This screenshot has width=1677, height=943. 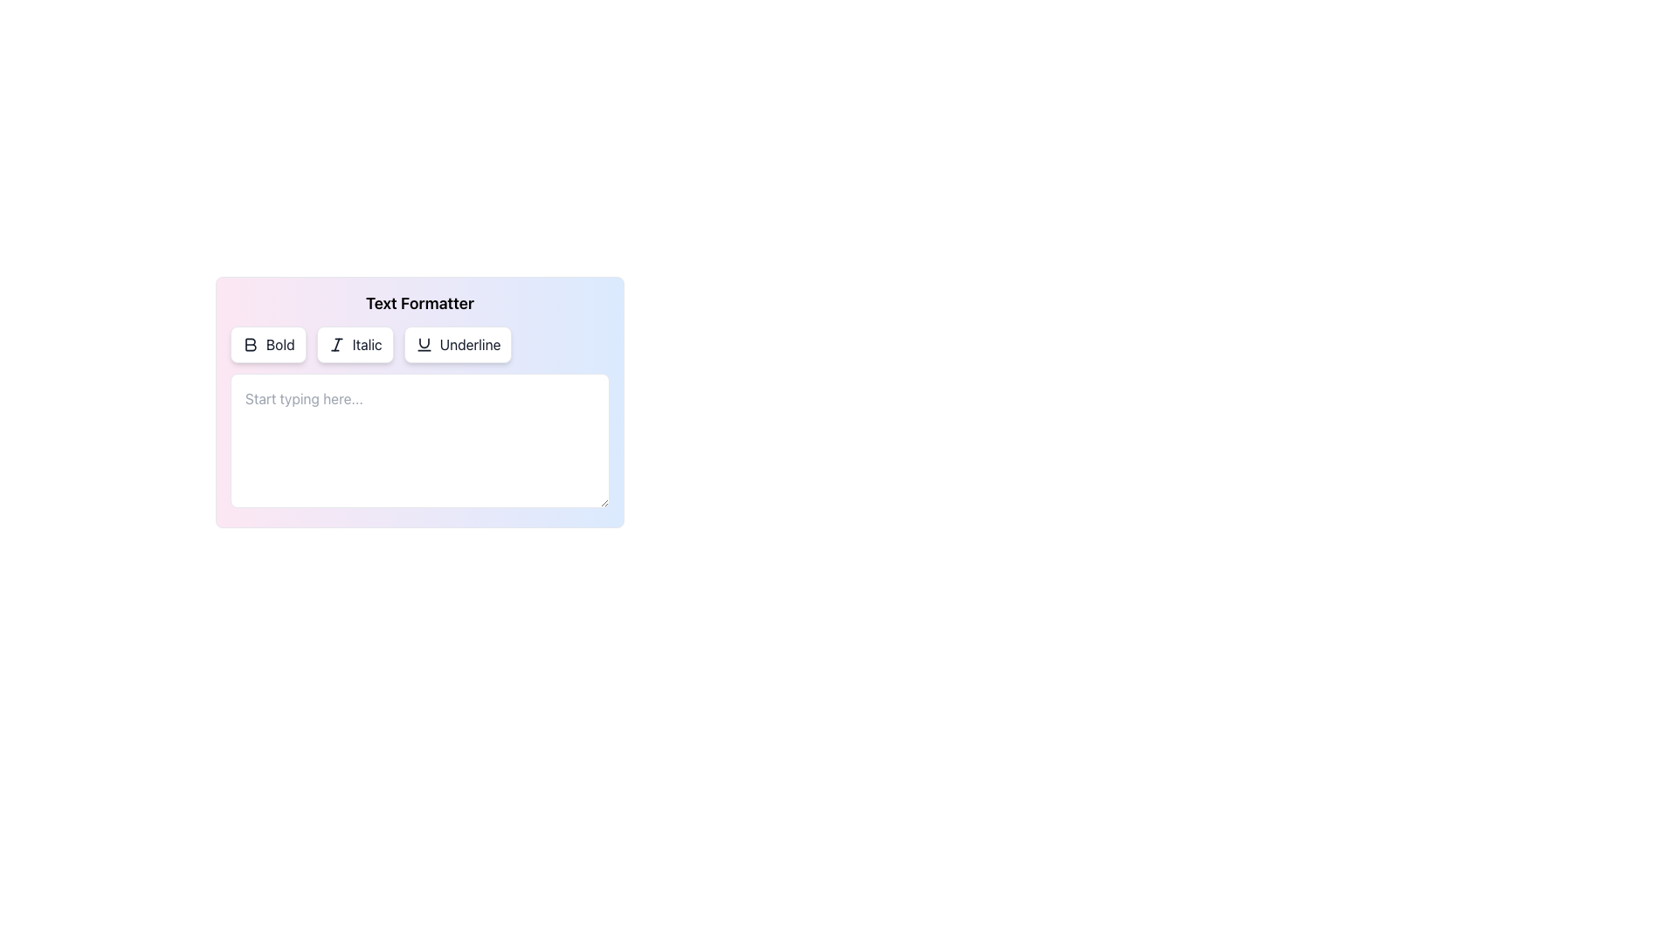 I want to click on the italic icon within the 'Italic' button in the text formatting toolbar, which is represented by a slanted line resembling an italicized letter 'I', so click(x=336, y=344).